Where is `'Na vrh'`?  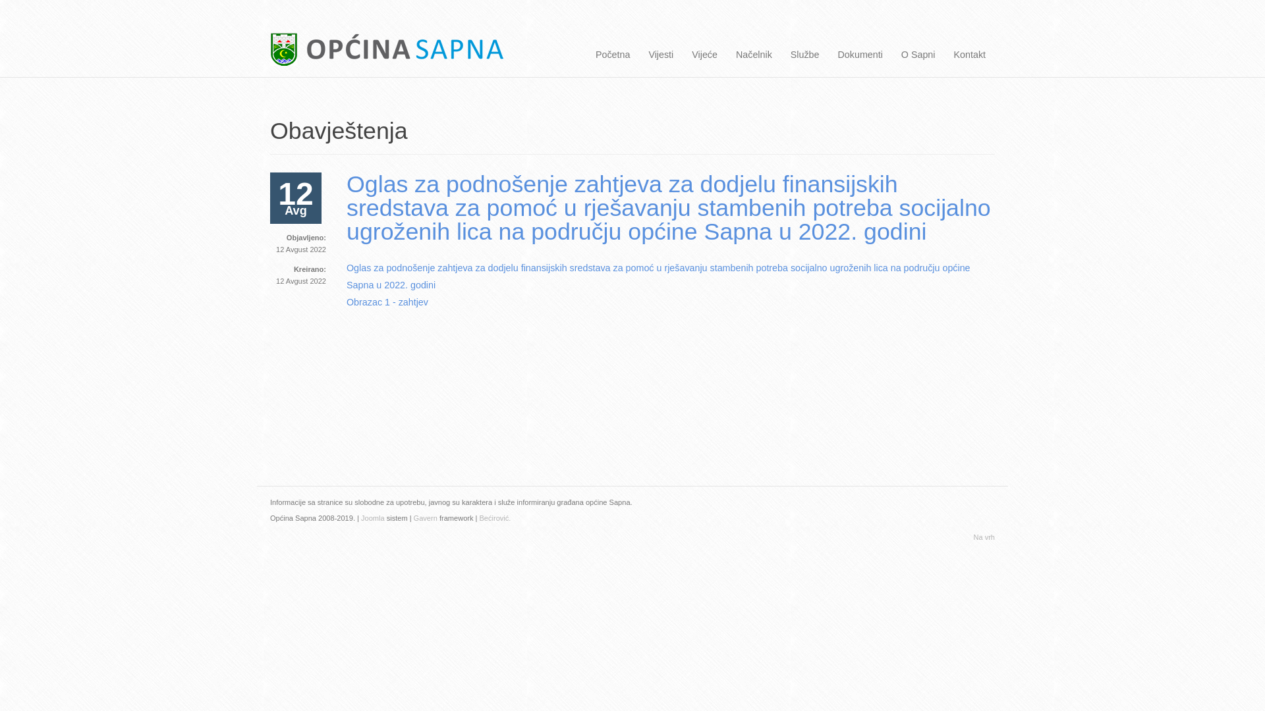 'Na vrh' is located at coordinates (984, 537).